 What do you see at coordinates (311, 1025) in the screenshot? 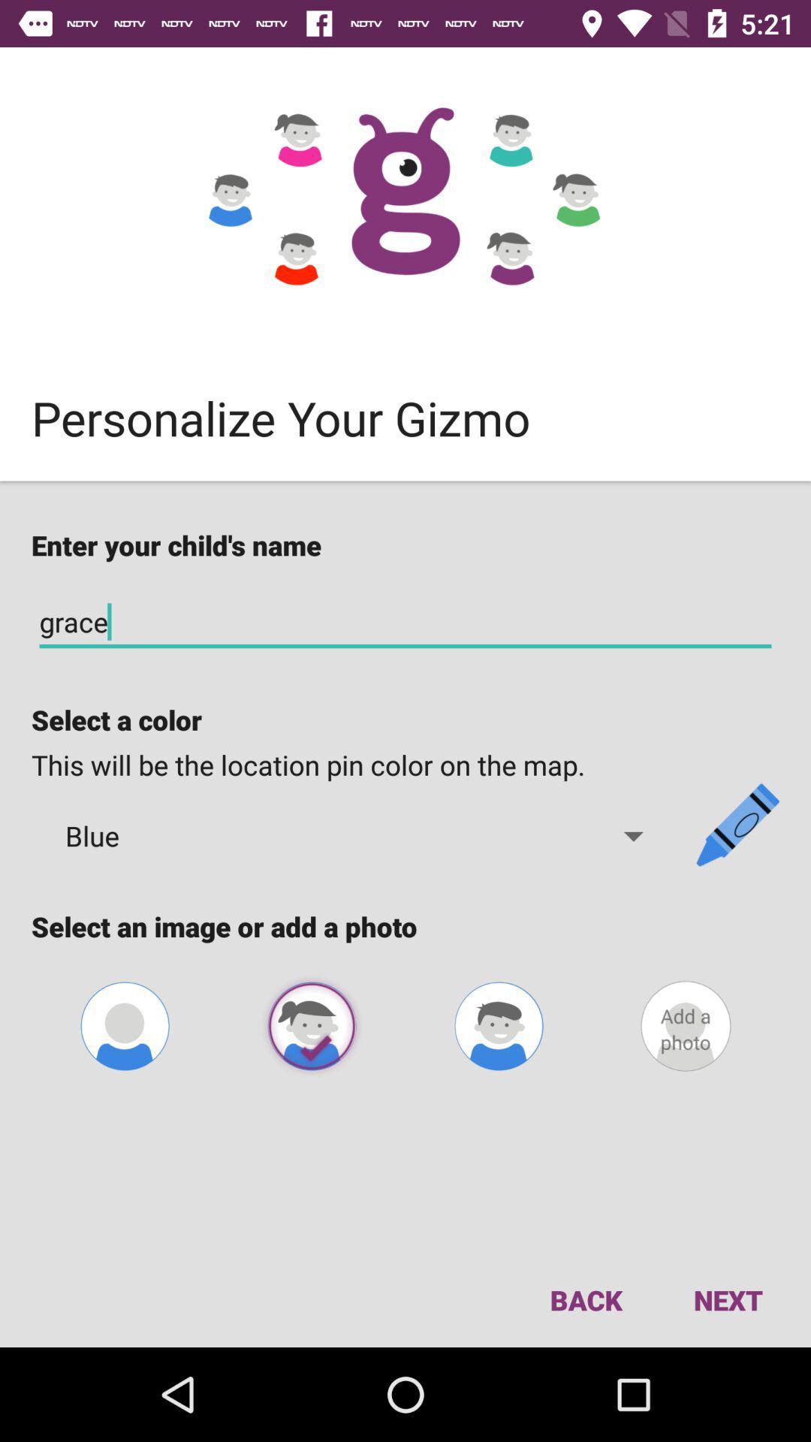
I see `photo` at bounding box center [311, 1025].